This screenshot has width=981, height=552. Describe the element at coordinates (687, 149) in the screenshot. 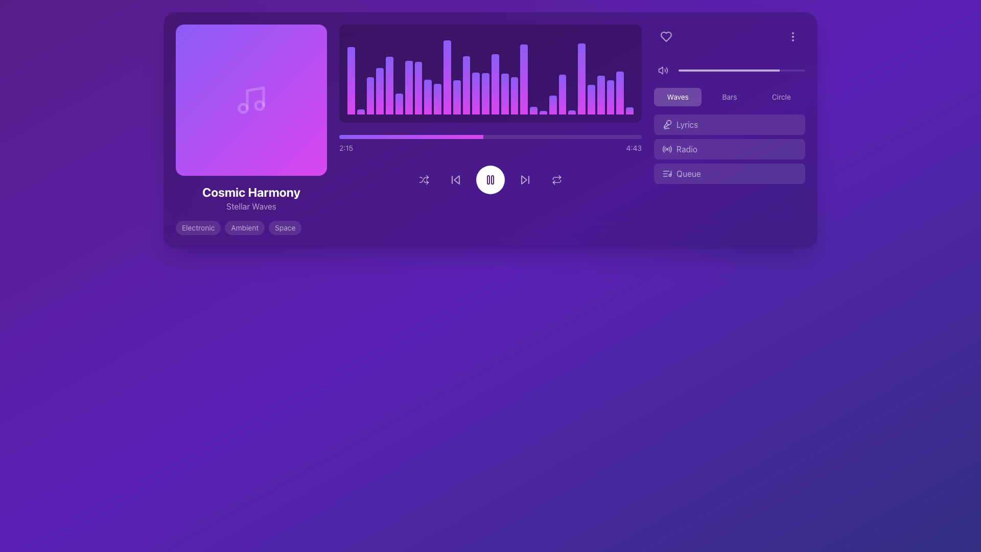

I see `the 'Radio' label text within the button, which is styled in white on a dark purple background` at that location.